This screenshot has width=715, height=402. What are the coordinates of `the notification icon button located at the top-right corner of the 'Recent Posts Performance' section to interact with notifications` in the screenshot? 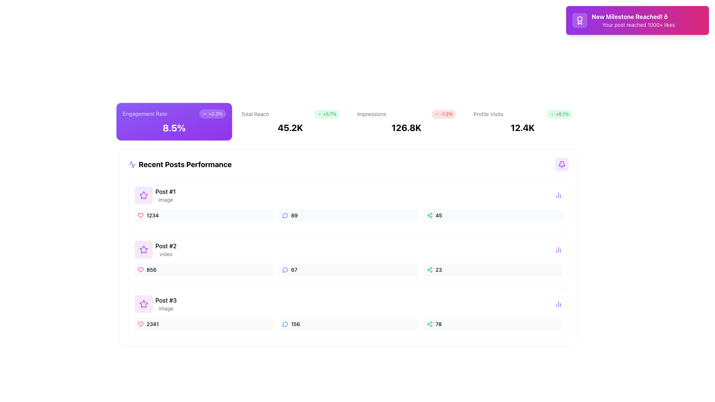 It's located at (562, 164).